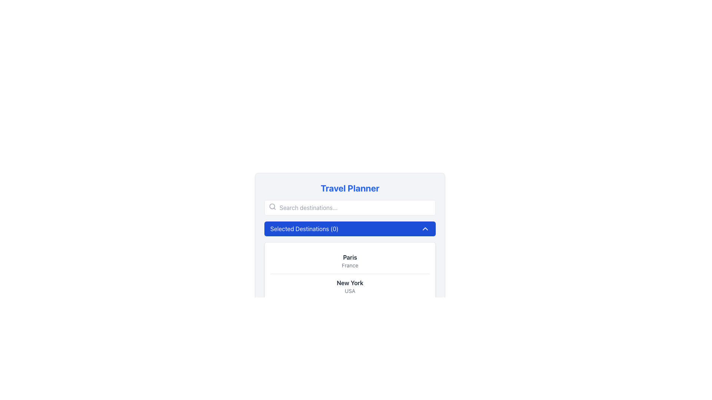 The width and height of the screenshot is (712, 400). Describe the element at coordinates (272, 206) in the screenshot. I see `the SVG circle graphic representing a feature in the search field located at the top-left corner of the input bar` at that location.